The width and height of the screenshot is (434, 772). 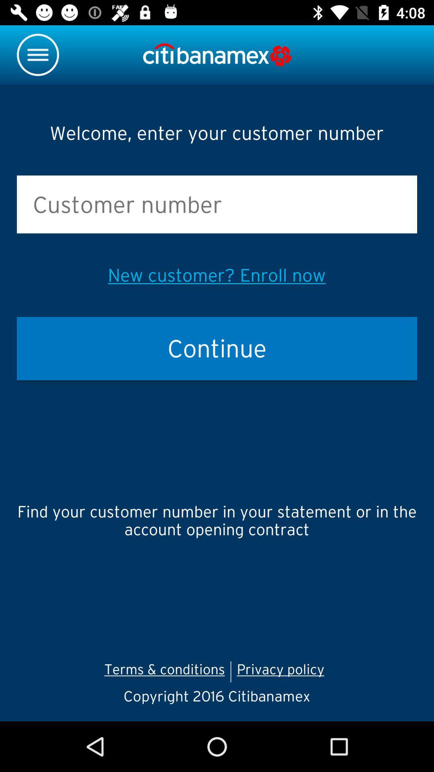 What do you see at coordinates (217, 204) in the screenshot?
I see `customer number box` at bounding box center [217, 204].